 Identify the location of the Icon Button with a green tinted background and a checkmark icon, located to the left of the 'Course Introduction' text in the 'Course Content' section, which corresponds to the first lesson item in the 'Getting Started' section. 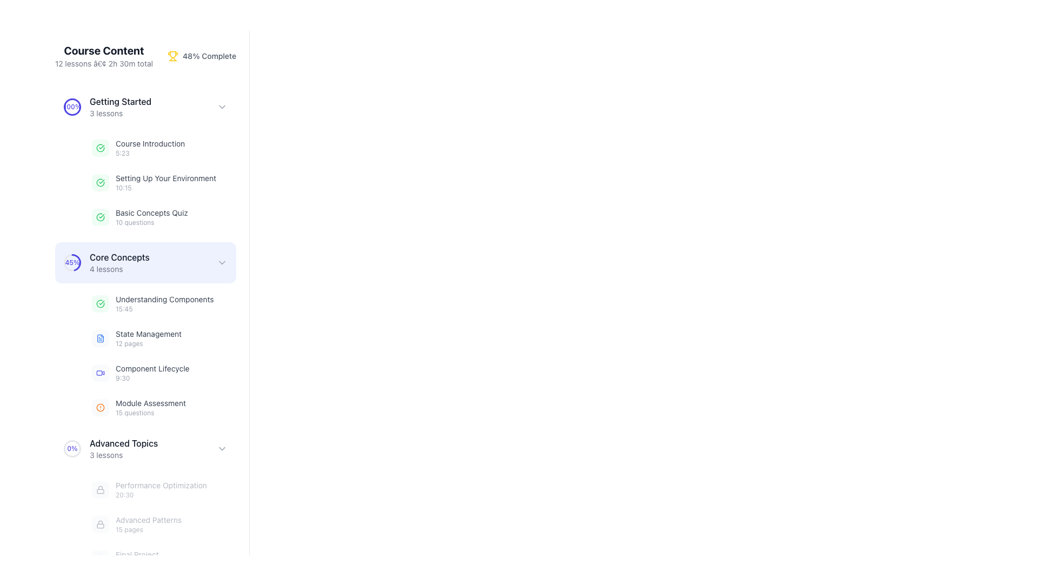
(101, 148).